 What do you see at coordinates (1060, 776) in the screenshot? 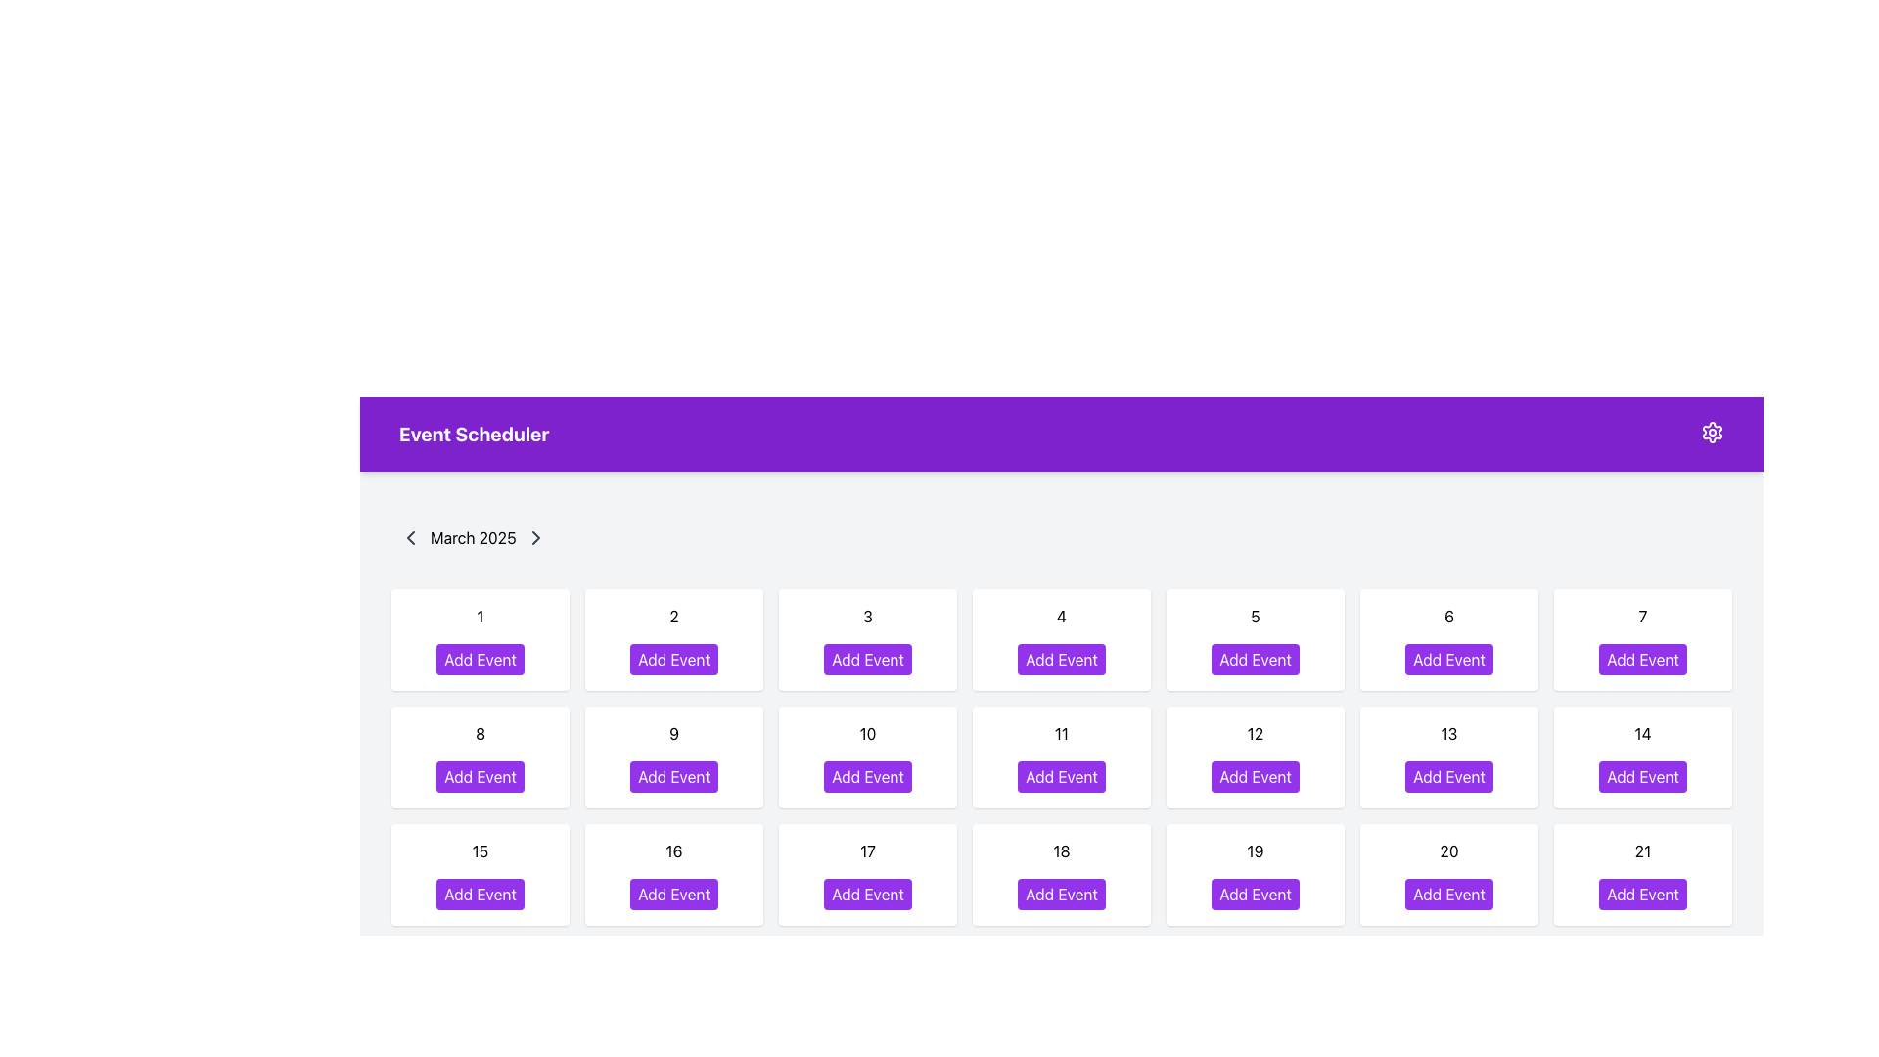
I see `the button located in the calendar grid for the 11th day of the month` at bounding box center [1060, 776].